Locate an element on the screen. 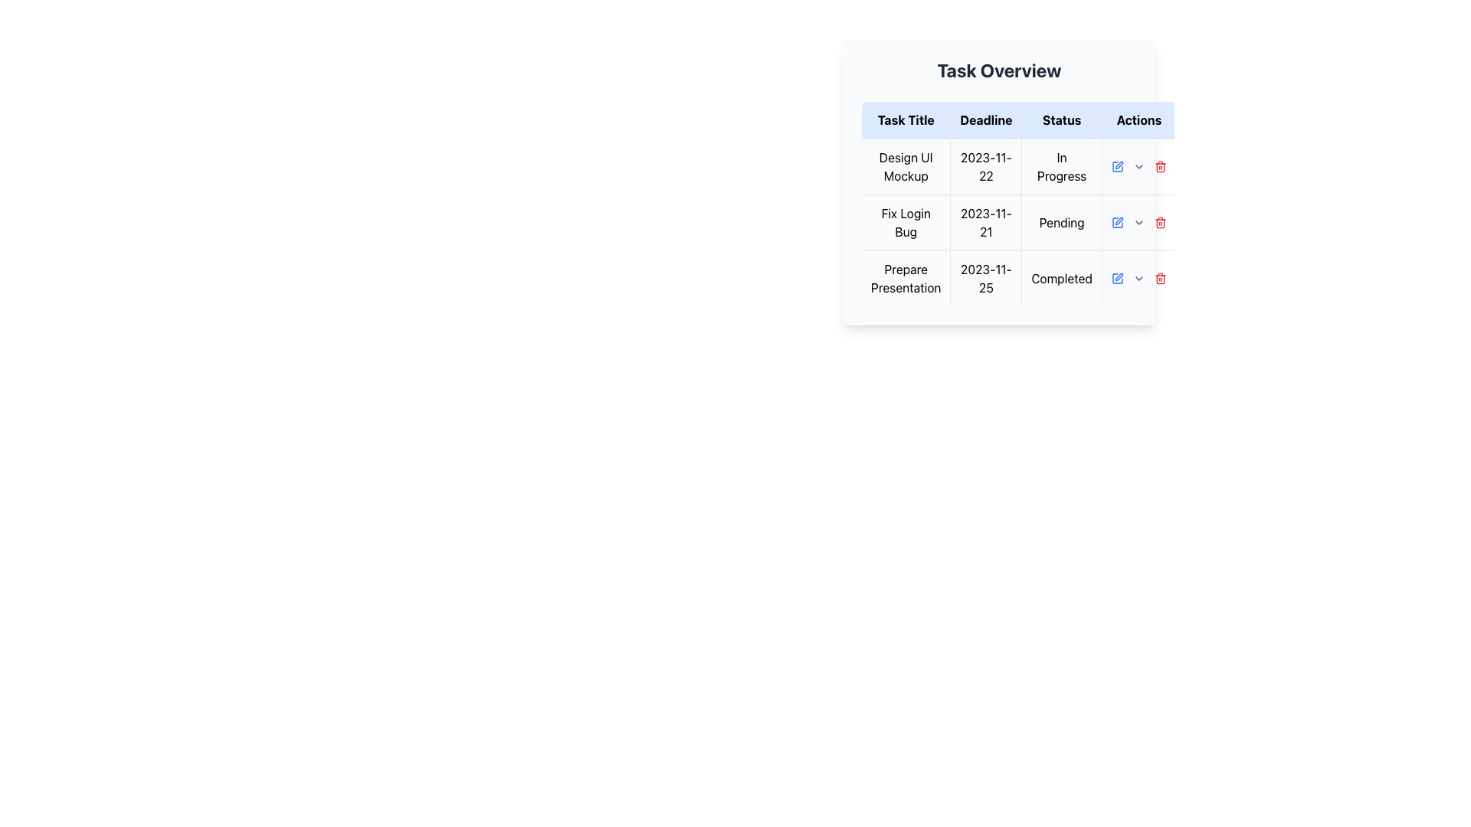  properties of the table header cell labeled 'Task Title', which is the first item in the header row of the table is located at coordinates (906, 119).